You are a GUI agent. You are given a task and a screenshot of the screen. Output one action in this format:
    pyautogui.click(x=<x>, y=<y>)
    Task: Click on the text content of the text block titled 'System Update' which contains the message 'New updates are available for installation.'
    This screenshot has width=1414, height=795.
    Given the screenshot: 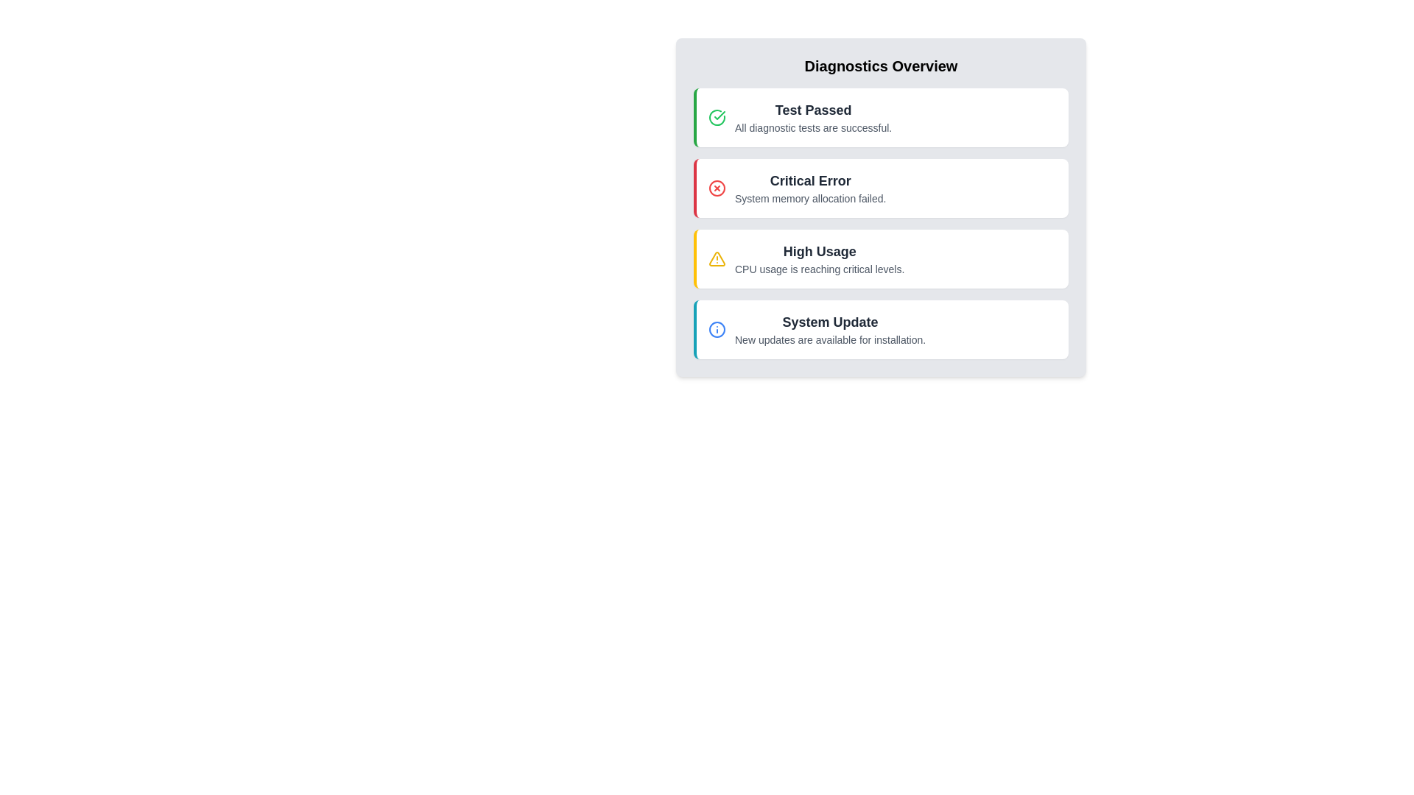 What is the action you would take?
    pyautogui.click(x=830, y=328)
    